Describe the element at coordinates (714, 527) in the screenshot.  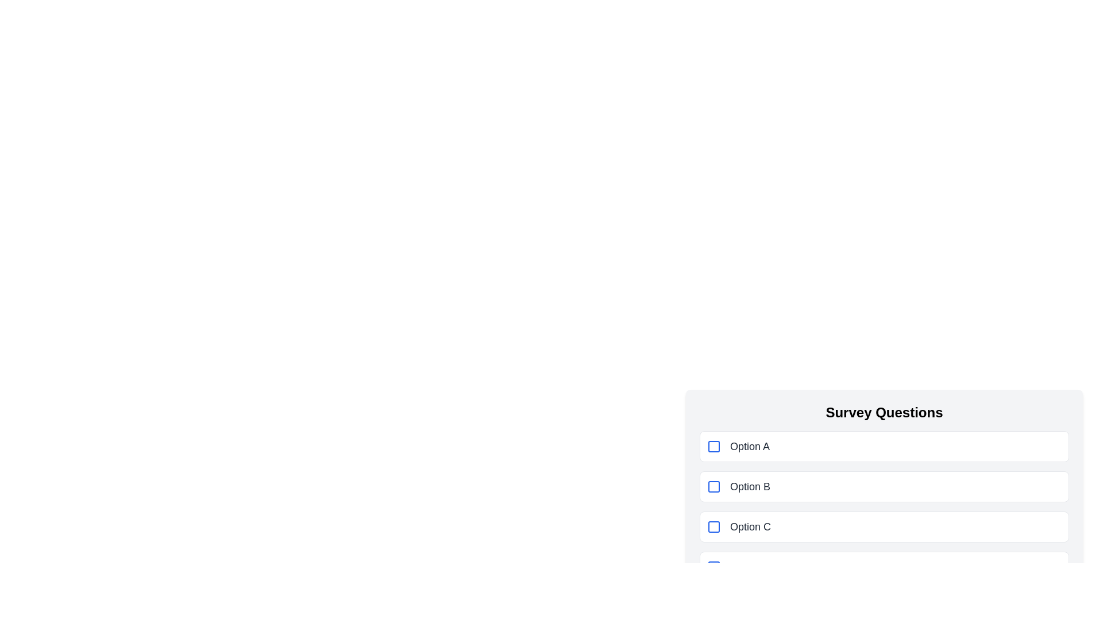
I see `the checkbox for 'Option C' to perform advanced actions` at that location.